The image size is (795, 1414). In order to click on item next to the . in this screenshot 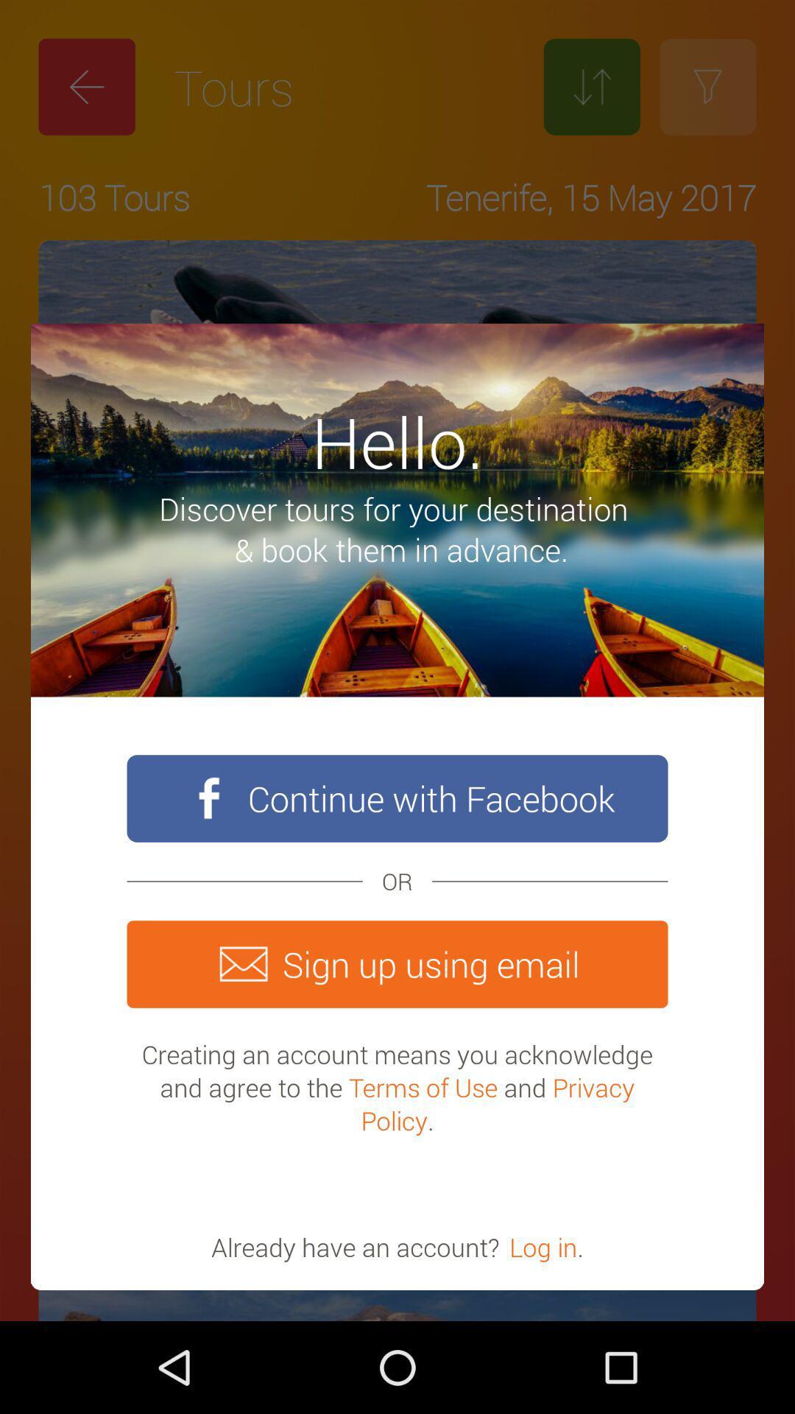, I will do `click(543, 1246)`.